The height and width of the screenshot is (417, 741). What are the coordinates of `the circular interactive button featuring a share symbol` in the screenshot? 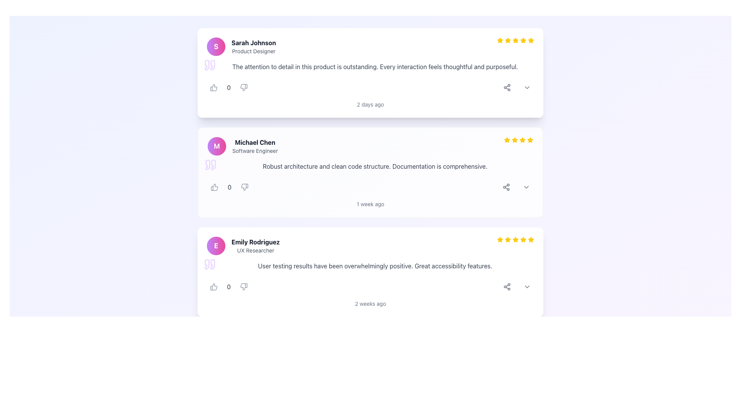 It's located at (507, 287).